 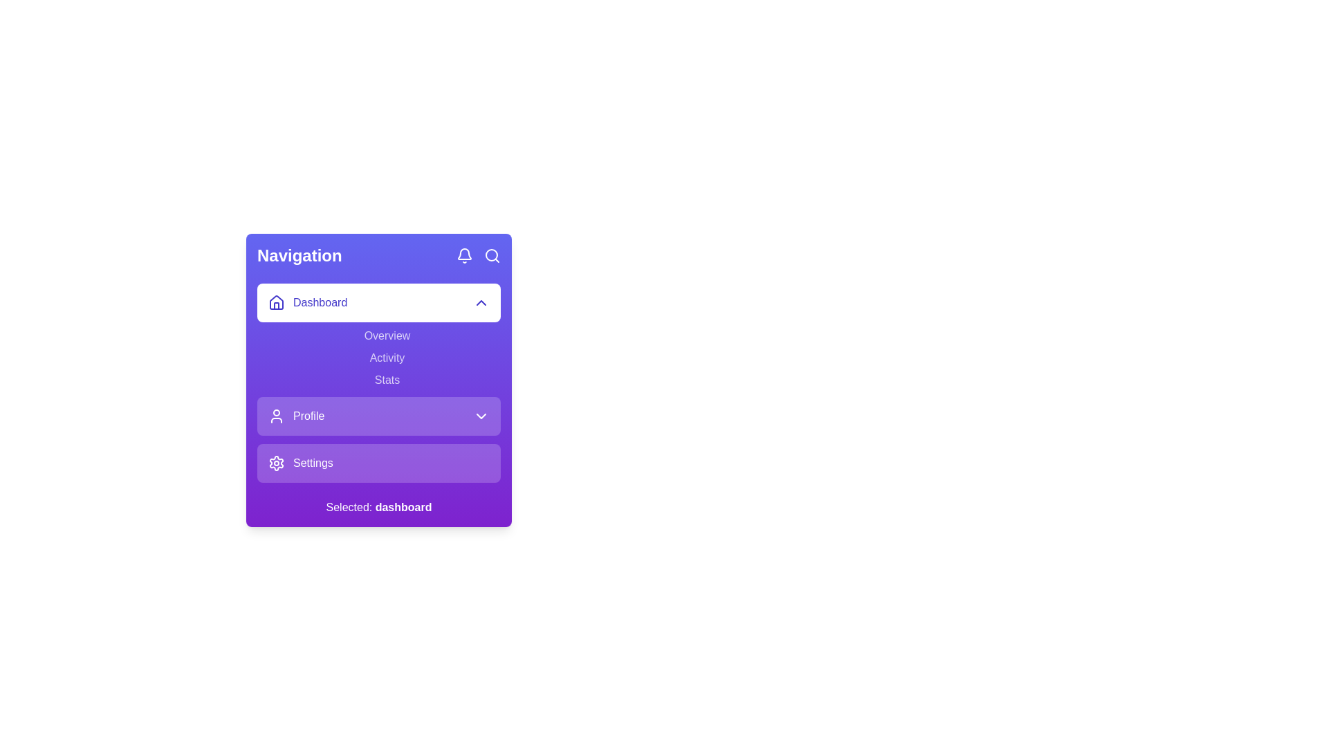 What do you see at coordinates (308, 415) in the screenshot?
I see `the profile menu option label located below the 'Dashboard' section in the vertical navigation menu` at bounding box center [308, 415].